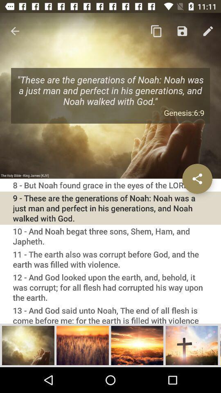 This screenshot has height=393, width=221. What do you see at coordinates (15, 31) in the screenshot?
I see `icon at the top left corner` at bounding box center [15, 31].